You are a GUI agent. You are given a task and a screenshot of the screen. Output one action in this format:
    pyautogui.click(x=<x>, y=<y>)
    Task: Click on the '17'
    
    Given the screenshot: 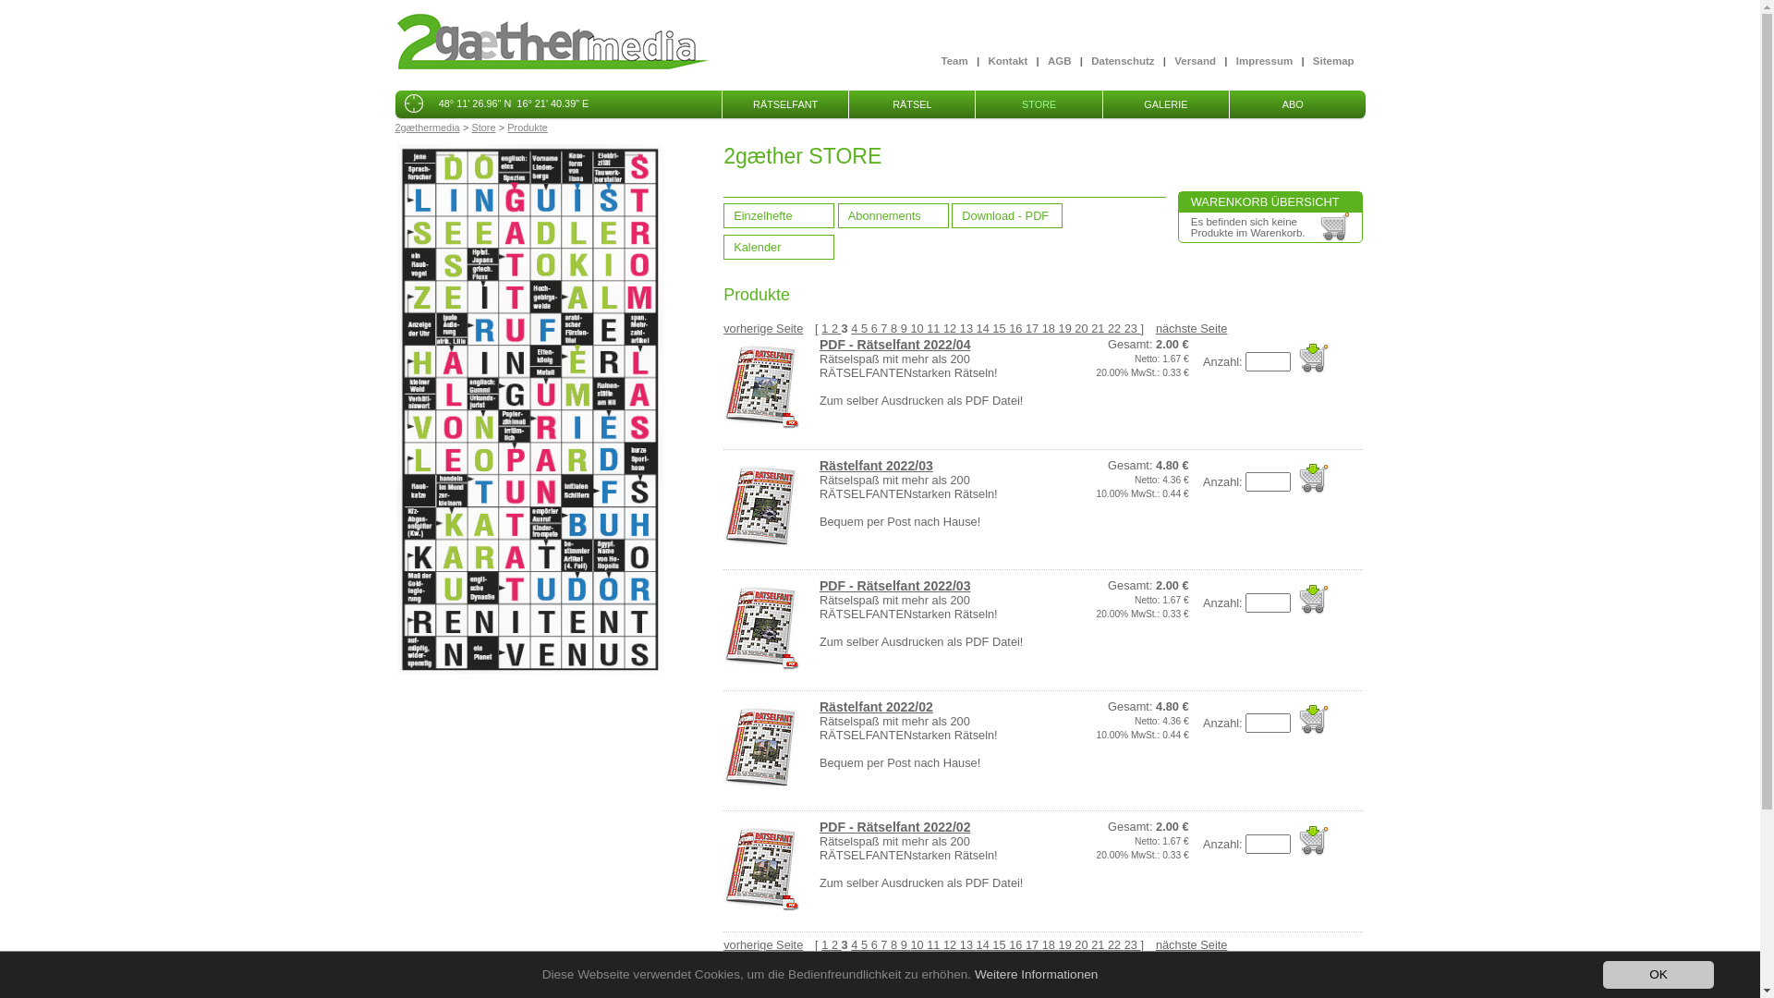 What is the action you would take?
    pyautogui.click(x=1032, y=944)
    